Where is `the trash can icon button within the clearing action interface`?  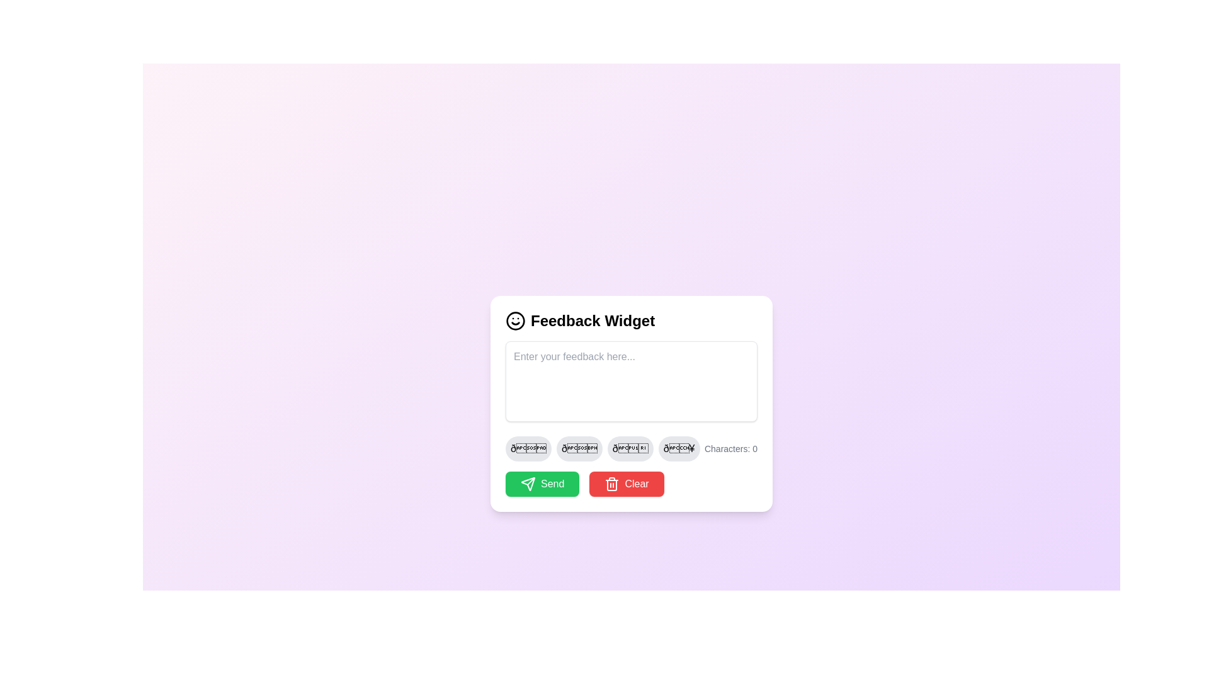
the trash can icon button within the clearing action interface is located at coordinates (612, 483).